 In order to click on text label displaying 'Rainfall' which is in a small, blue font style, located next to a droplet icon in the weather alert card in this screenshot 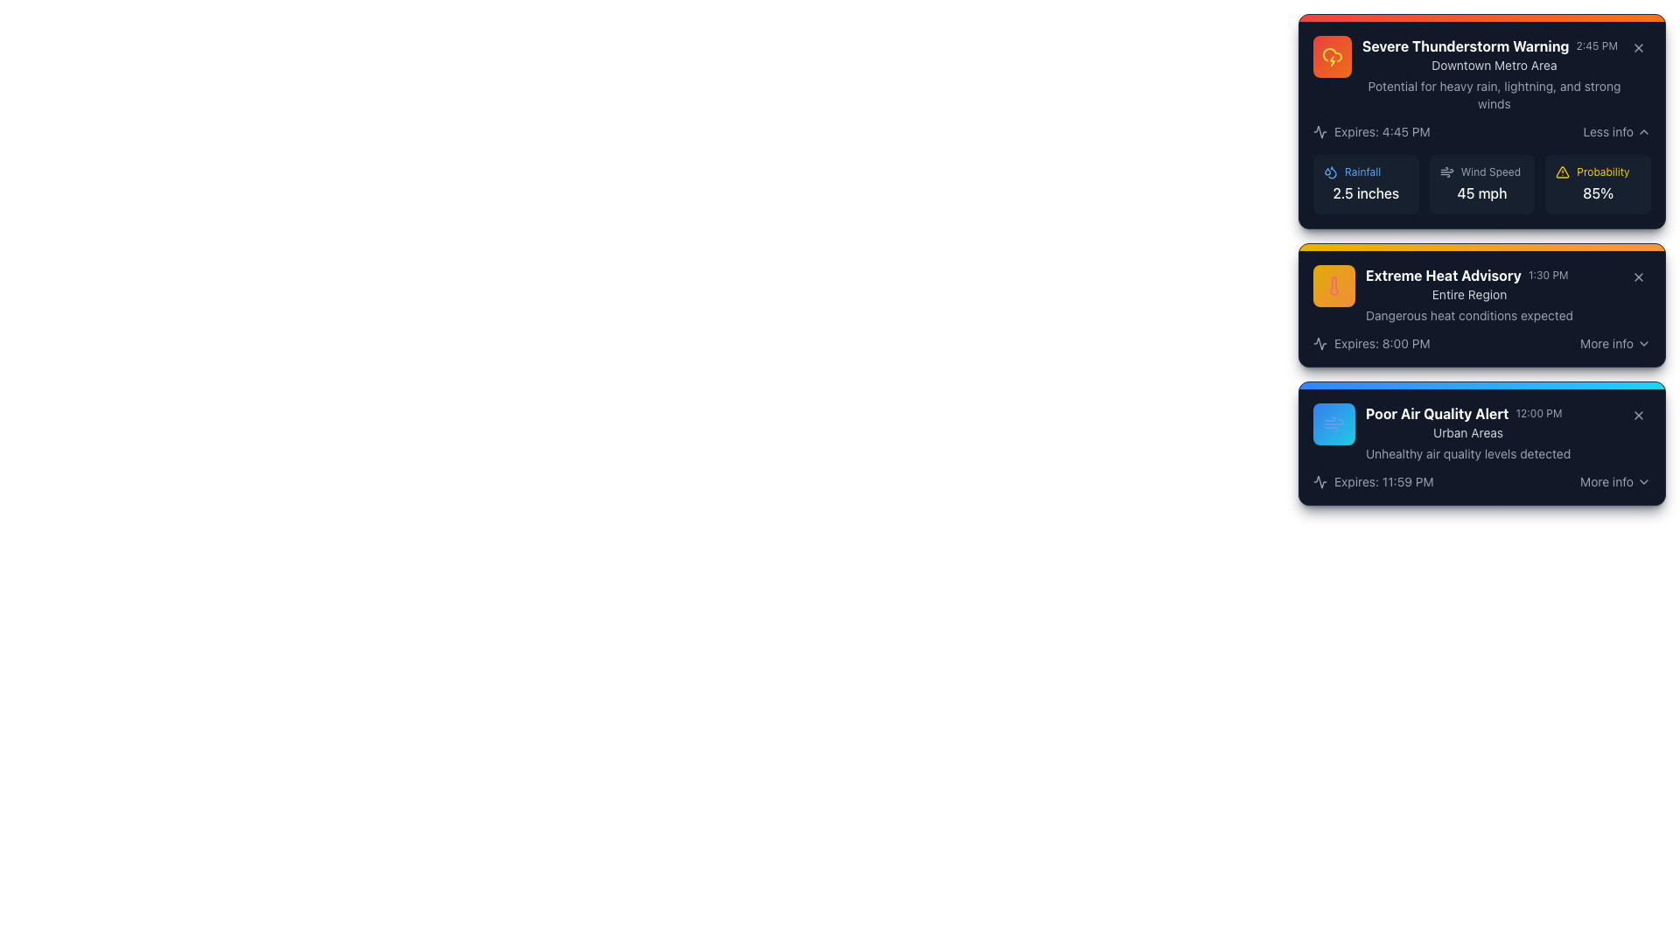, I will do `click(1361, 171)`.